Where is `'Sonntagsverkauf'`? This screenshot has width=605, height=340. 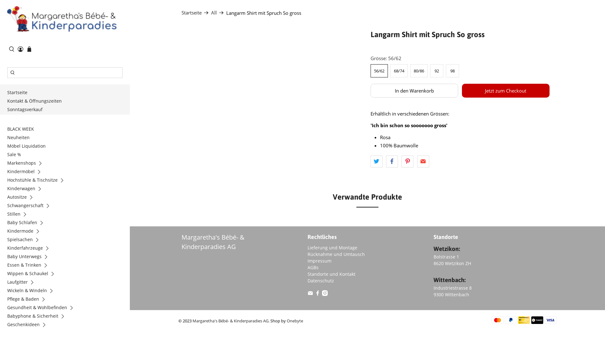
'Sonntagsverkauf' is located at coordinates (26, 110).